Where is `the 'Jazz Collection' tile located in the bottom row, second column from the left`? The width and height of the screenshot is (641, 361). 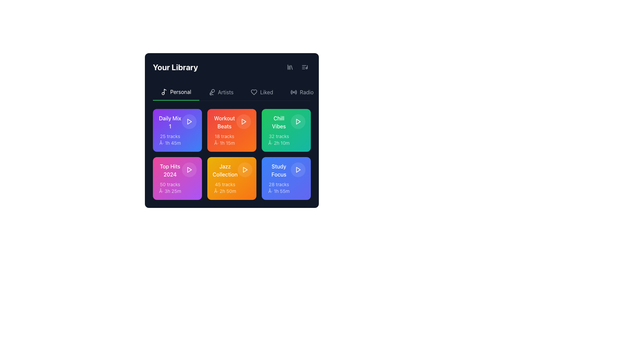 the 'Jazz Collection' tile located in the bottom row, second column from the left is located at coordinates (232, 178).